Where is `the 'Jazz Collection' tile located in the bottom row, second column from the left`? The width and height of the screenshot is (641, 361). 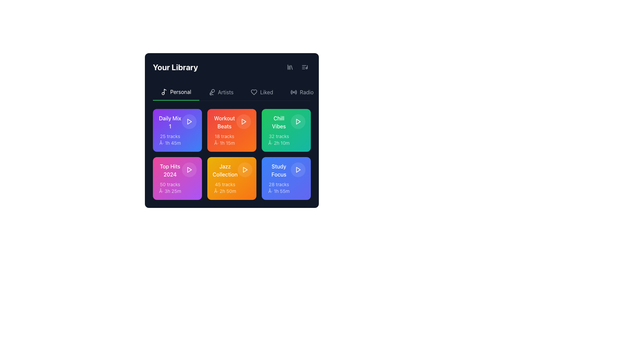 the 'Jazz Collection' tile located in the bottom row, second column from the left is located at coordinates (232, 178).